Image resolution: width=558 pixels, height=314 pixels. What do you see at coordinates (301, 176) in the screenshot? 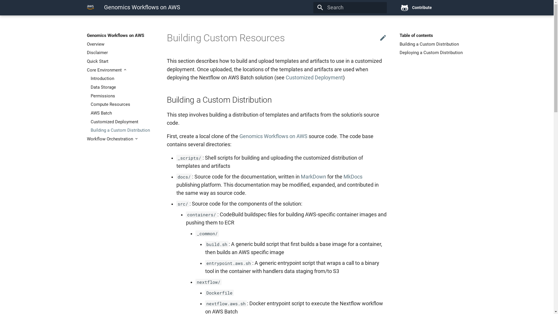
I see `'MarkDown'` at bounding box center [301, 176].